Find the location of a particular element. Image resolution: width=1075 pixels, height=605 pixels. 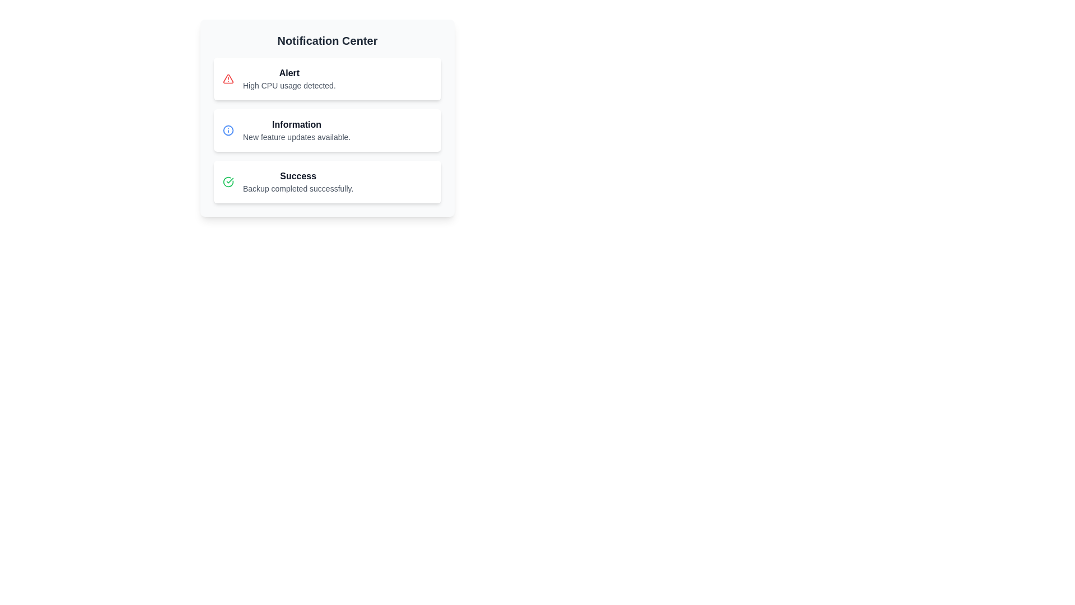

the circular graphic that represents an informational message in the second notification item labeled 'Information' within the Notification Center is located at coordinates (228, 129).